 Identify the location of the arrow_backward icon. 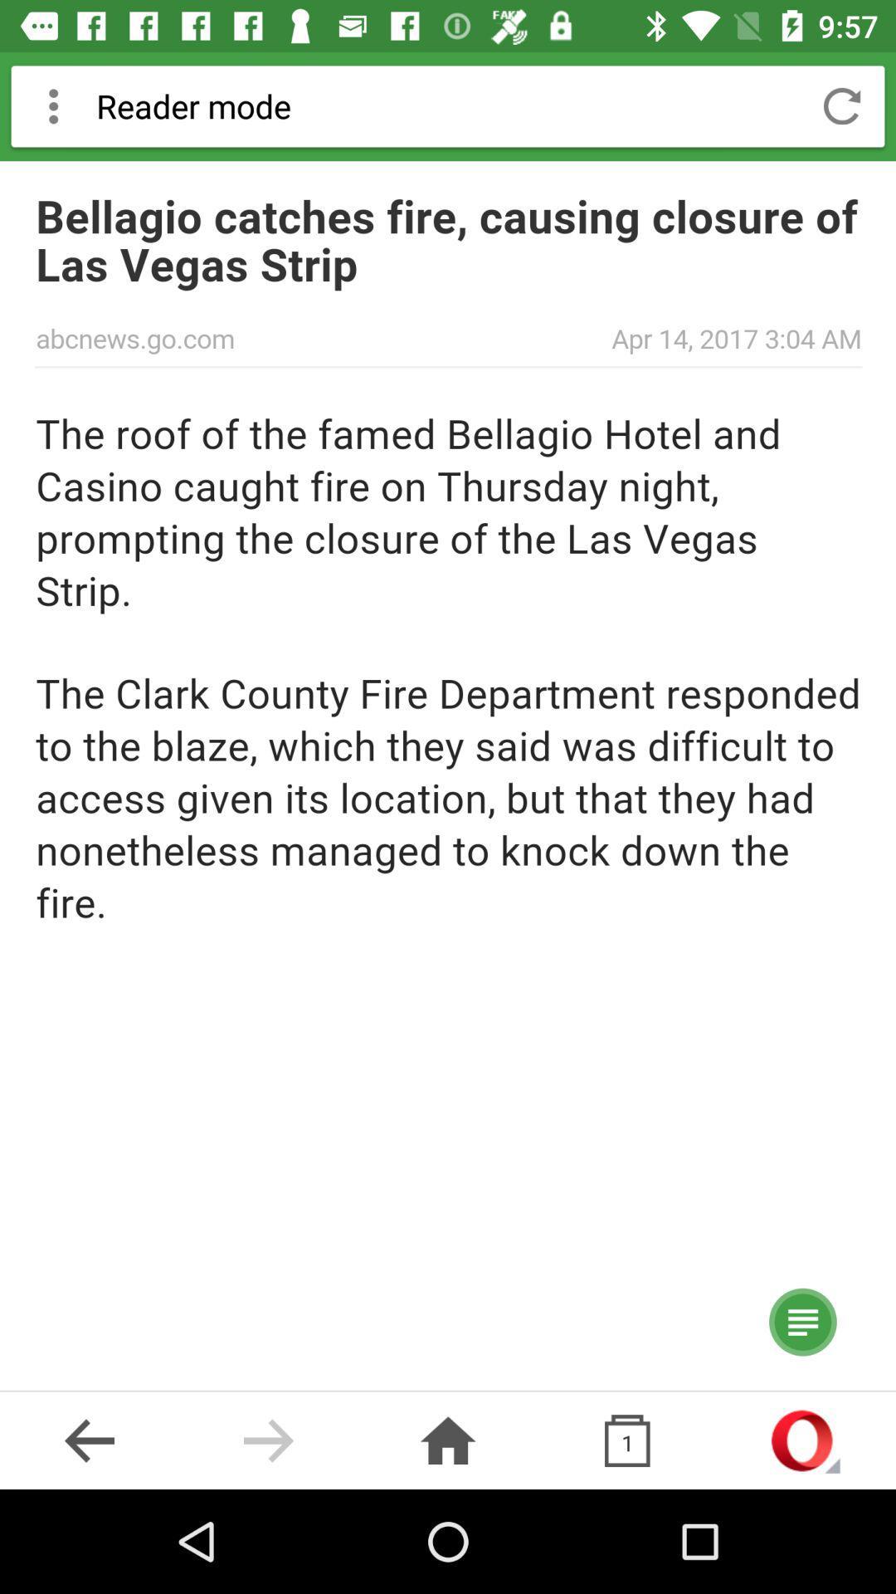
(90, 1440).